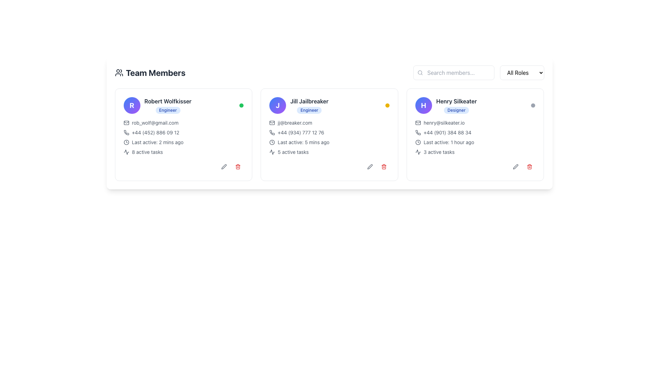 The height and width of the screenshot is (376, 669). I want to click on the clock face icon located within the 'Jill Jailbreaker' card, which is to the left of the text 'Last active: 5 mins ago.', so click(272, 142).